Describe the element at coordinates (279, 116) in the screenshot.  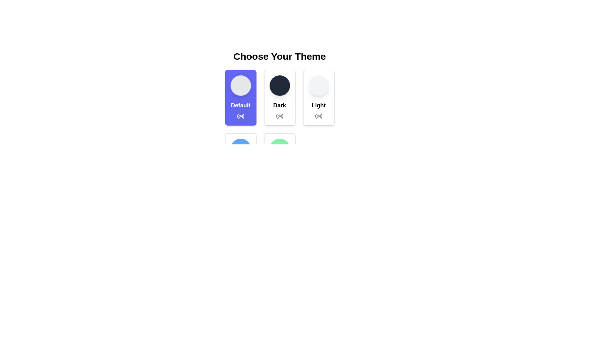
I see `the circular radio signal SVG icon located below the 'Dark' label within its selectable card` at that location.